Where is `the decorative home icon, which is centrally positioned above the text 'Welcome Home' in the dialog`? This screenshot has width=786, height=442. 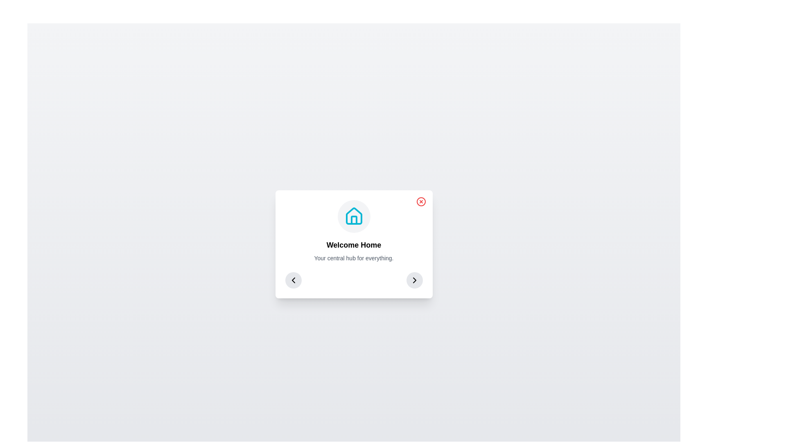 the decorative home icon, which is centrally positioned above the text 'Welcome Home' in the dialog is located at coordinates (354, 216).